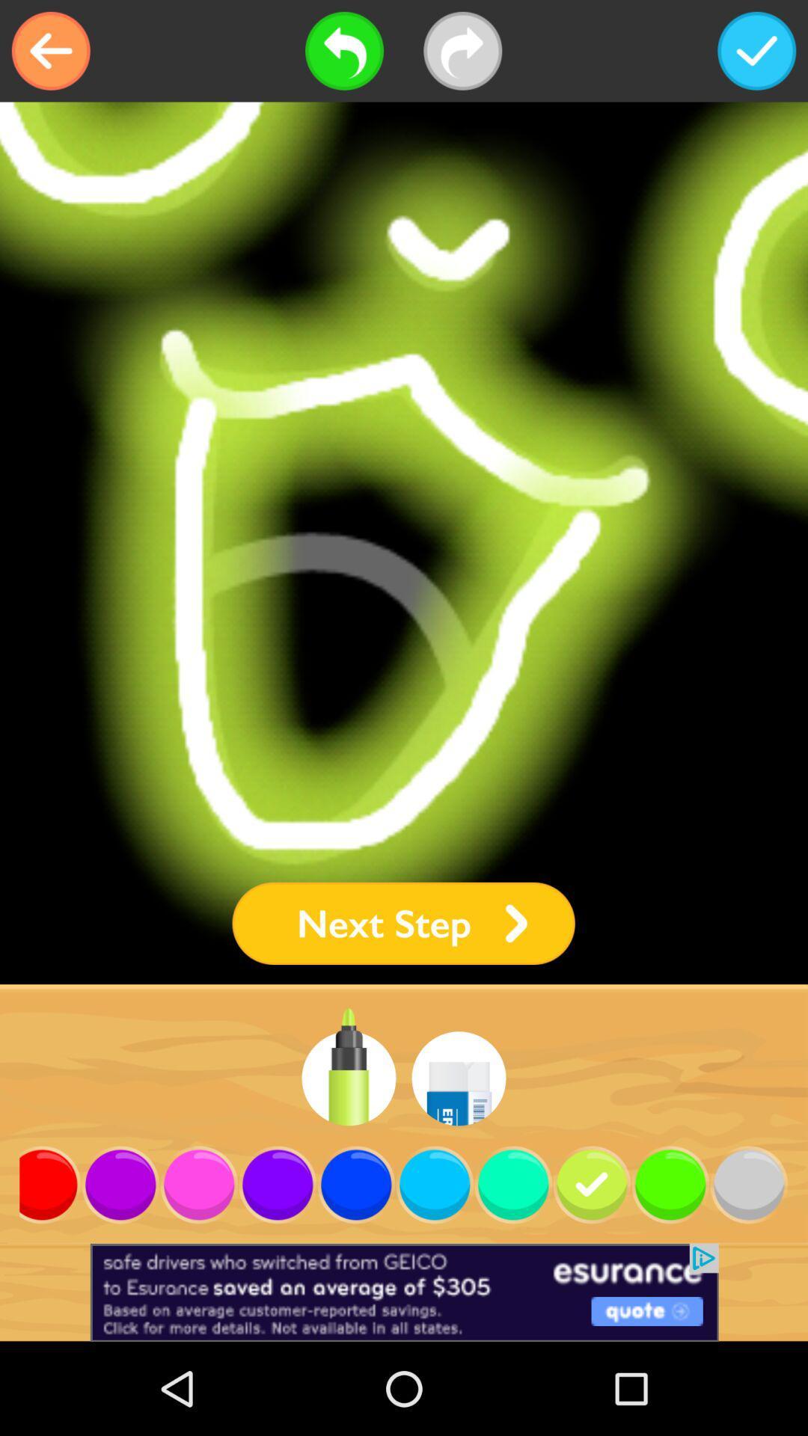 The width and height of the screenshot is (808, 1436). Describe the element at coordinates (50, 51) in the screenshot. I see `icon at the top left corner` at that location.